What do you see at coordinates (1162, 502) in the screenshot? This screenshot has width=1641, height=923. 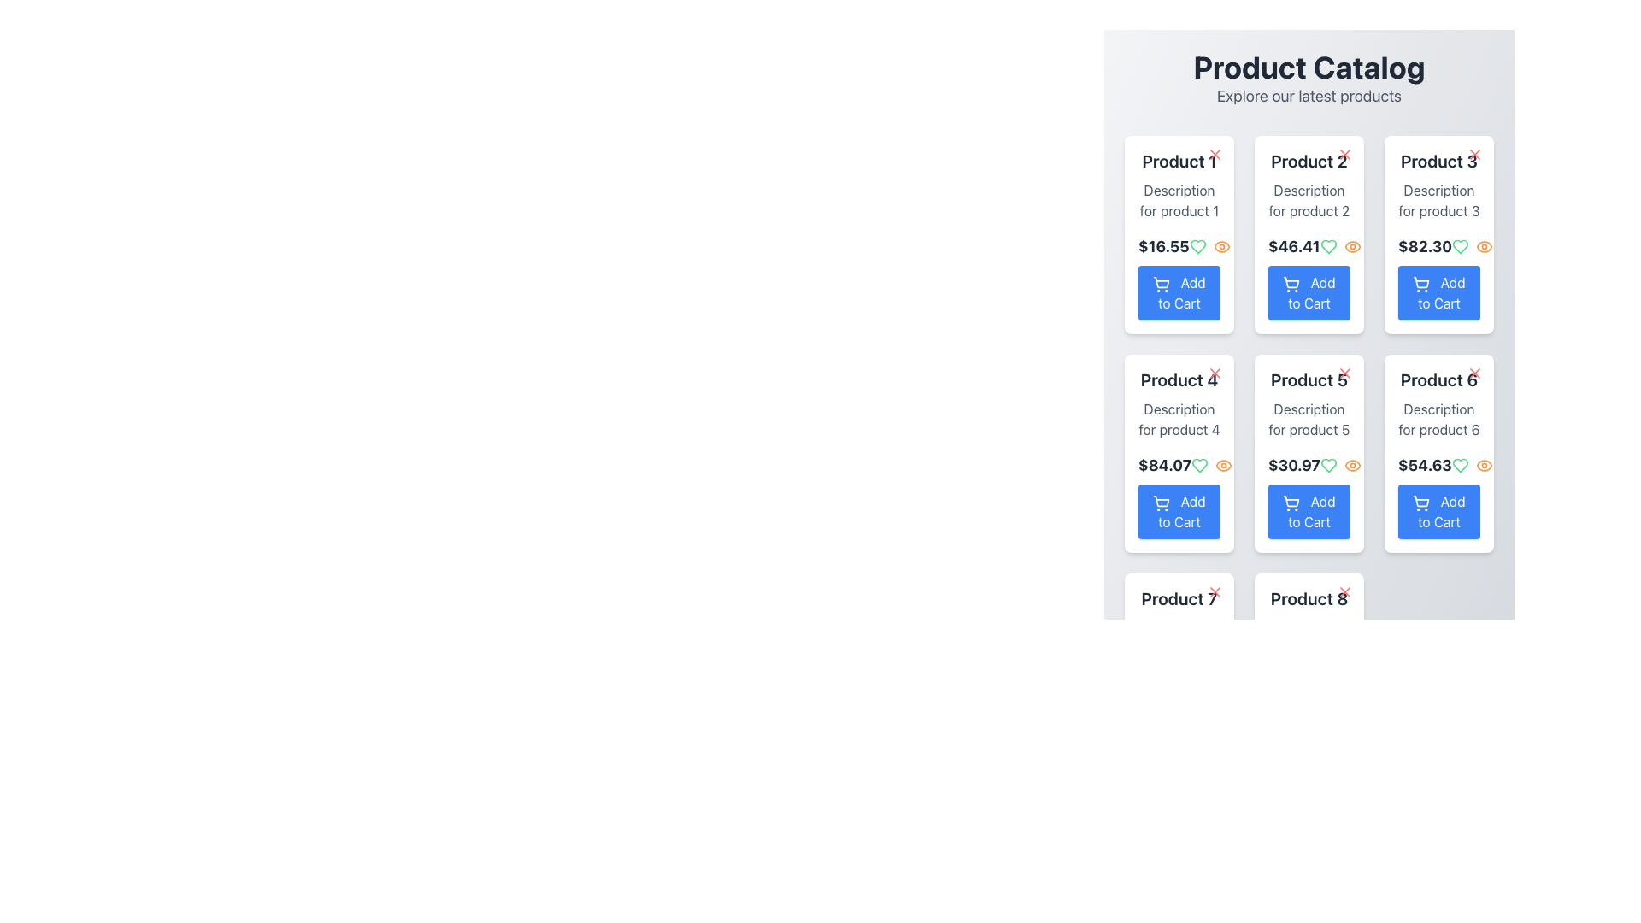 I see `the shopping cart icon within the blue 'Add to Cart' button for 'Product 4' located in the second row and first column of the product grid` at bounding box center [1162, 502].